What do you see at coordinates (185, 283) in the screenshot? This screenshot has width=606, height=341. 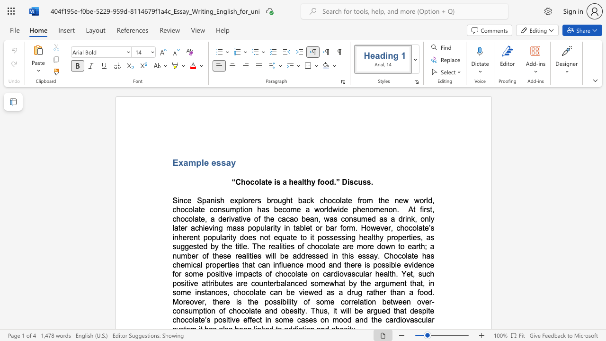 I see `the subset text "itive" within the text "for some positive impacts of chocolate on cardiovascular health. Yet, such positive attributes are counterbalanced"` at bounding box center [185, 283].